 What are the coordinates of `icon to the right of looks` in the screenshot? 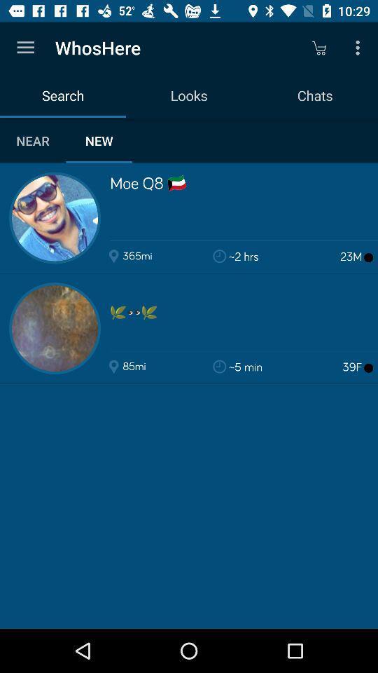 It's located at (318, 48).